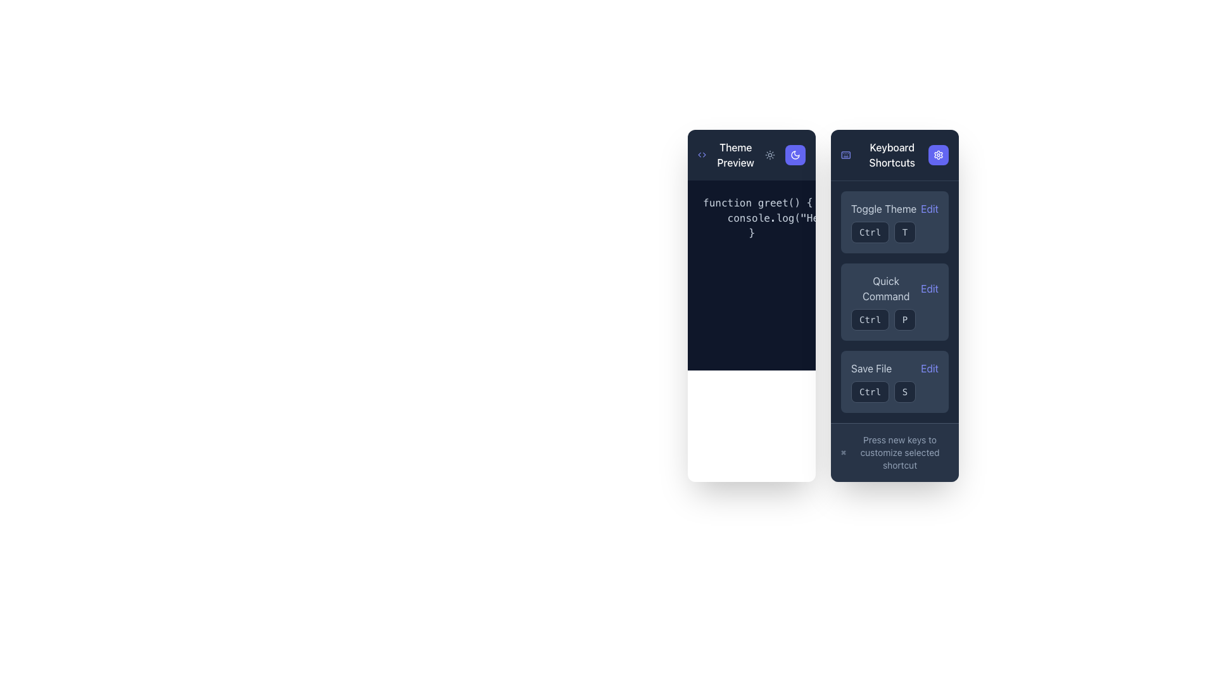 This screenshot has width=1216, height=684. What do you see at coordinates (939, 155) in the screenshot?
I see `the settings button located at the top-right corner of the 'Keyboard Shortcuts' section header` at bounding box center [939, 155].